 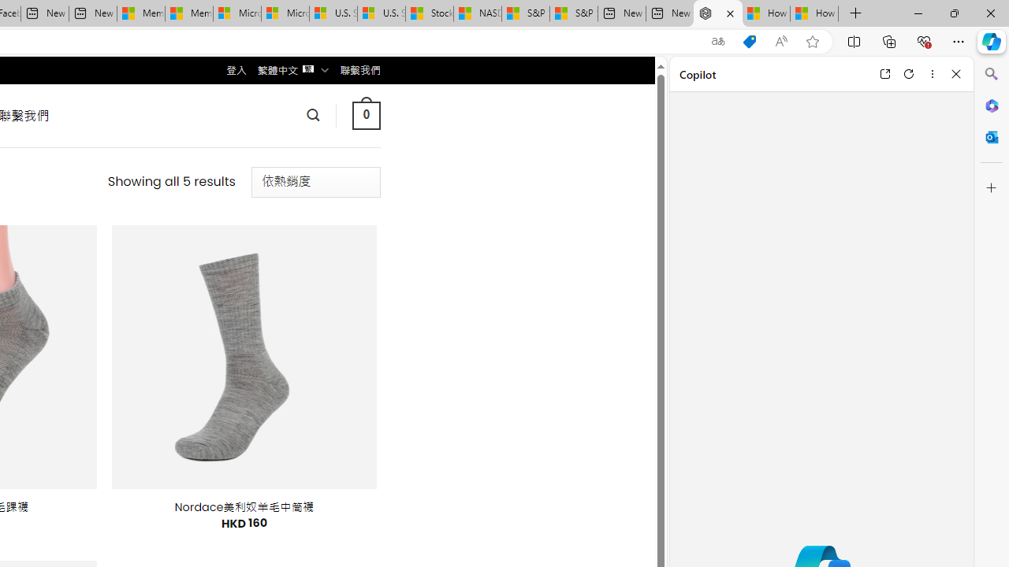 What do you see at coordinates (991, 136) in the screenshot?
I see `'Outlook'` at bounding box center [991, 136].